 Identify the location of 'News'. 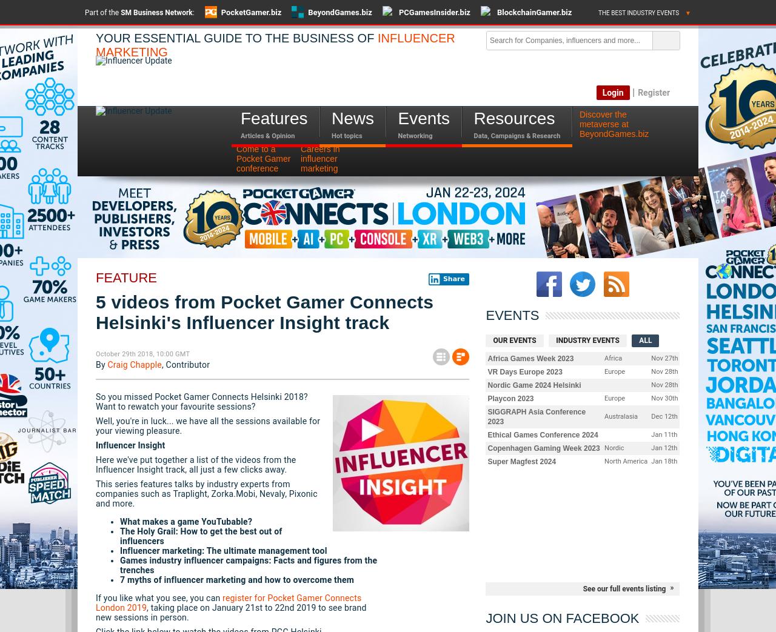
(352, 118).